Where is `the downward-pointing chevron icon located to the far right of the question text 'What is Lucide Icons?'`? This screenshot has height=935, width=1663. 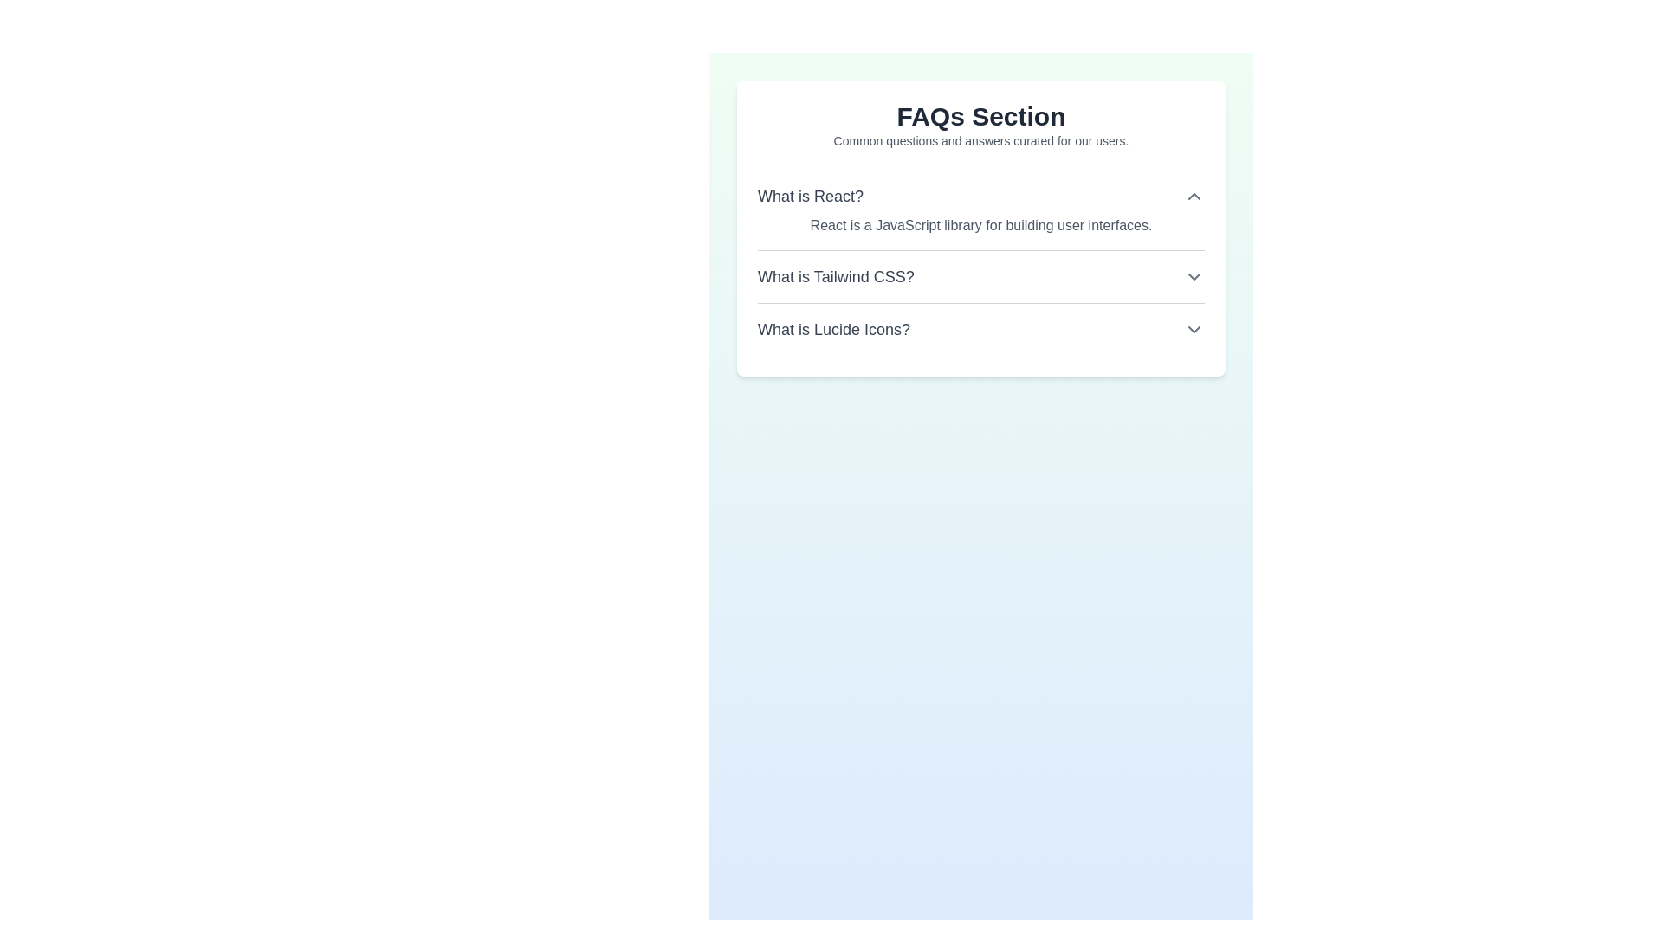
the downward-pointing chevron icon located to the far right of the question text 'What is Lucide Icons?' is located at coordinates (1193, 330).